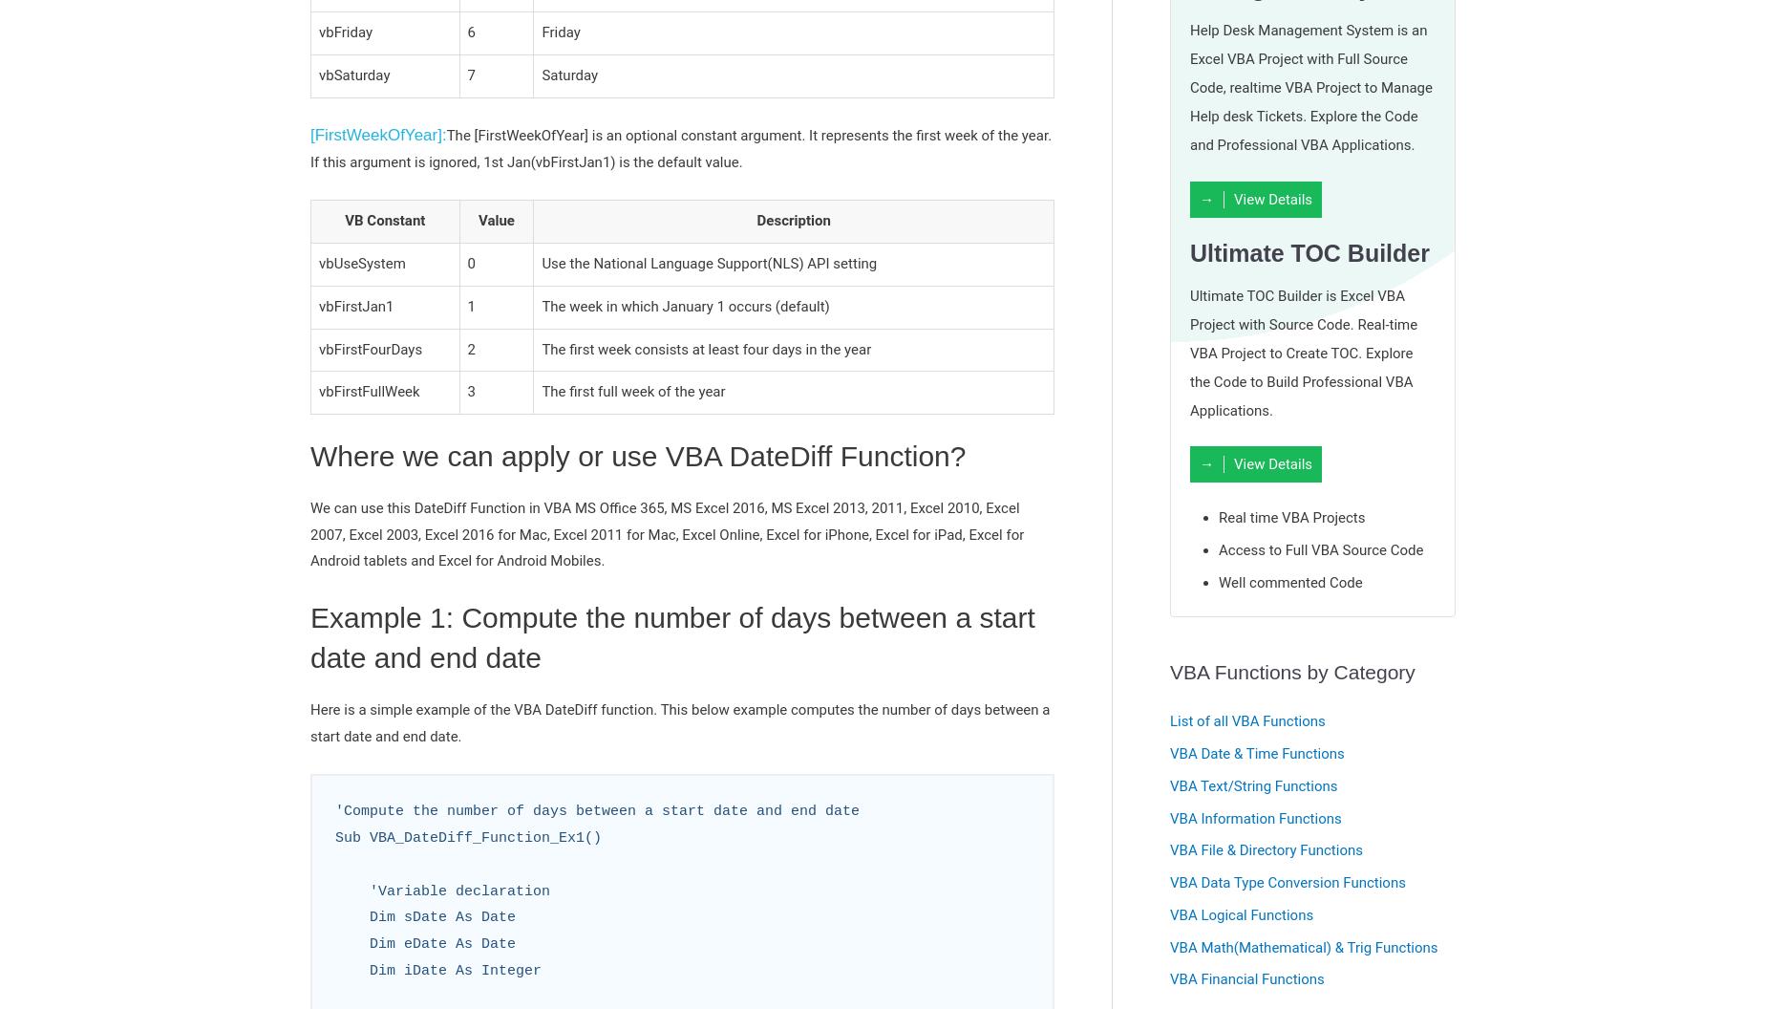 The height and width of the screenshot is (1009, 1767). What do you see at coordinates (361, 262) in the screenshot?
I see `'vbUseSystem'` at bounding box center [361, 262].